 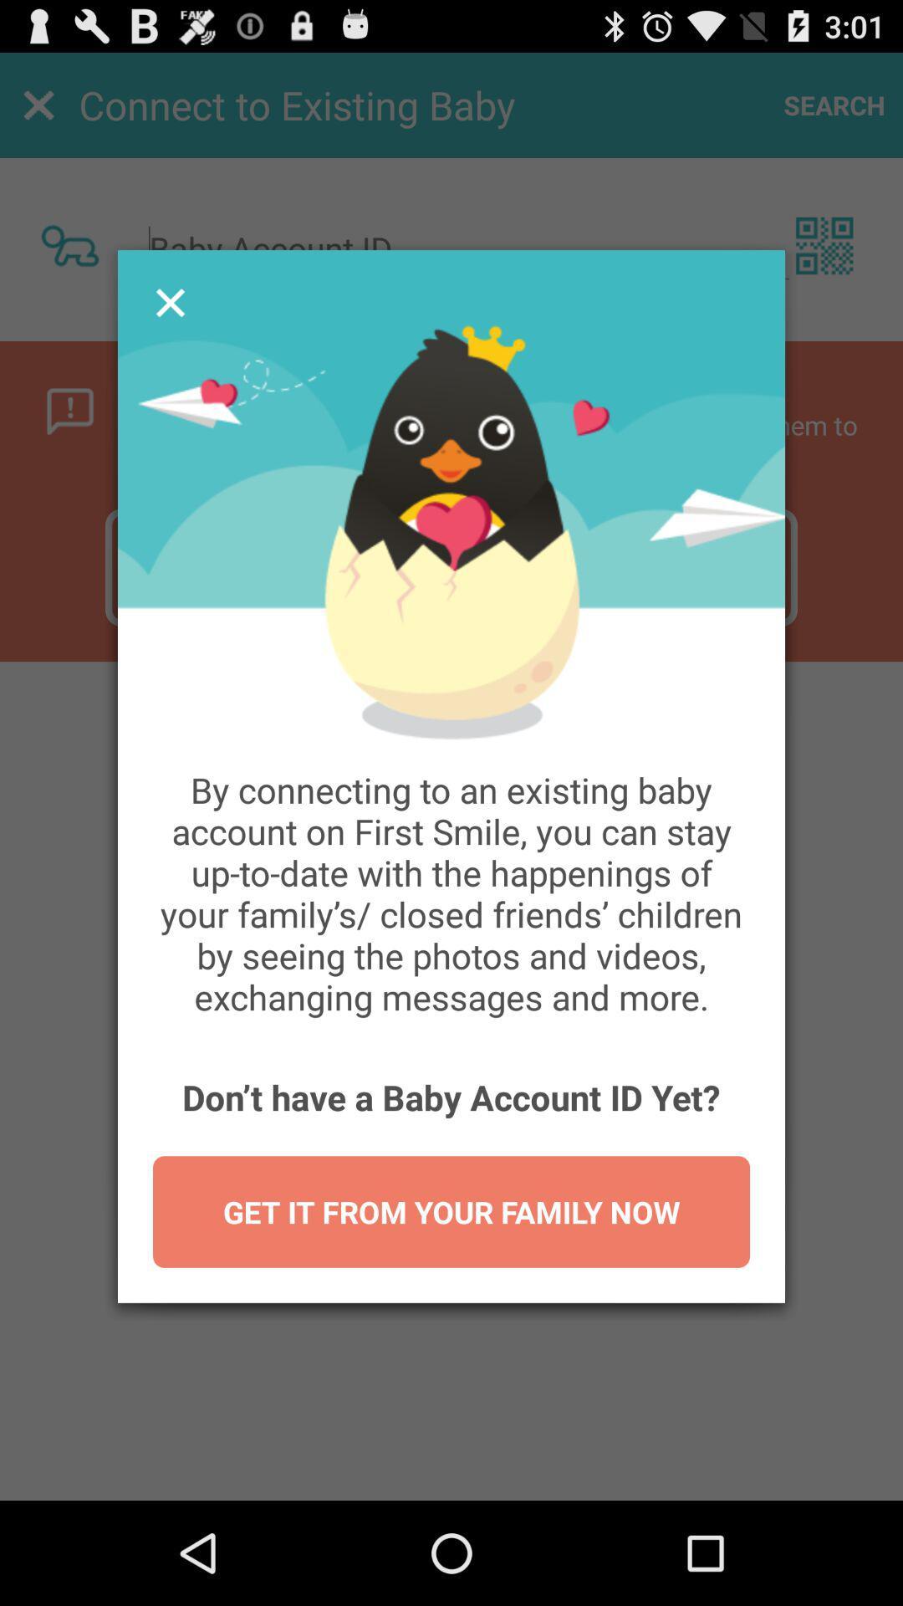 What do you see at coordinates (171, 303) in the screenshot?
I see `app above the by connecting to app` at bounding box center [171, 303].